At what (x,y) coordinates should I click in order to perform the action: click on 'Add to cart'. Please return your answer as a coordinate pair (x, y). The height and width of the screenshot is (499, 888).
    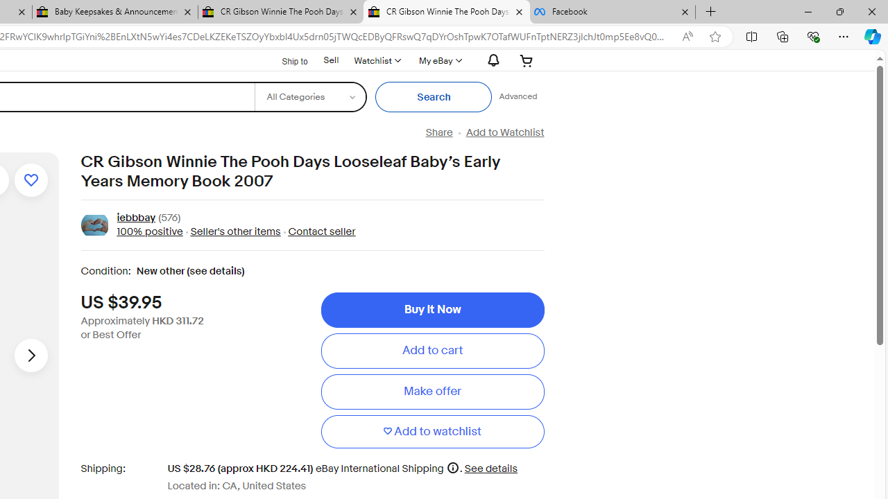
    Looking at the image, I should click on (432, 350).